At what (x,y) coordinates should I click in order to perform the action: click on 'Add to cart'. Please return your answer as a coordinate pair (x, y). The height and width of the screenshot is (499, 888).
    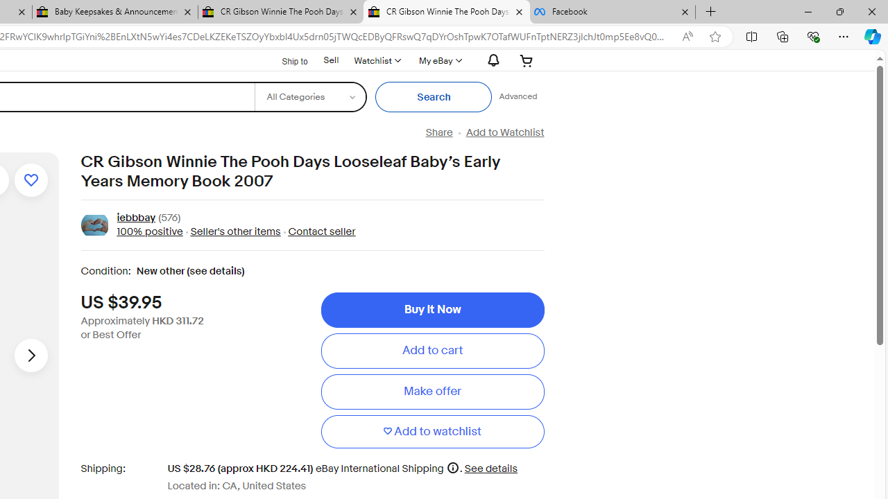
    Looking at the image, I should click on (432, 350).